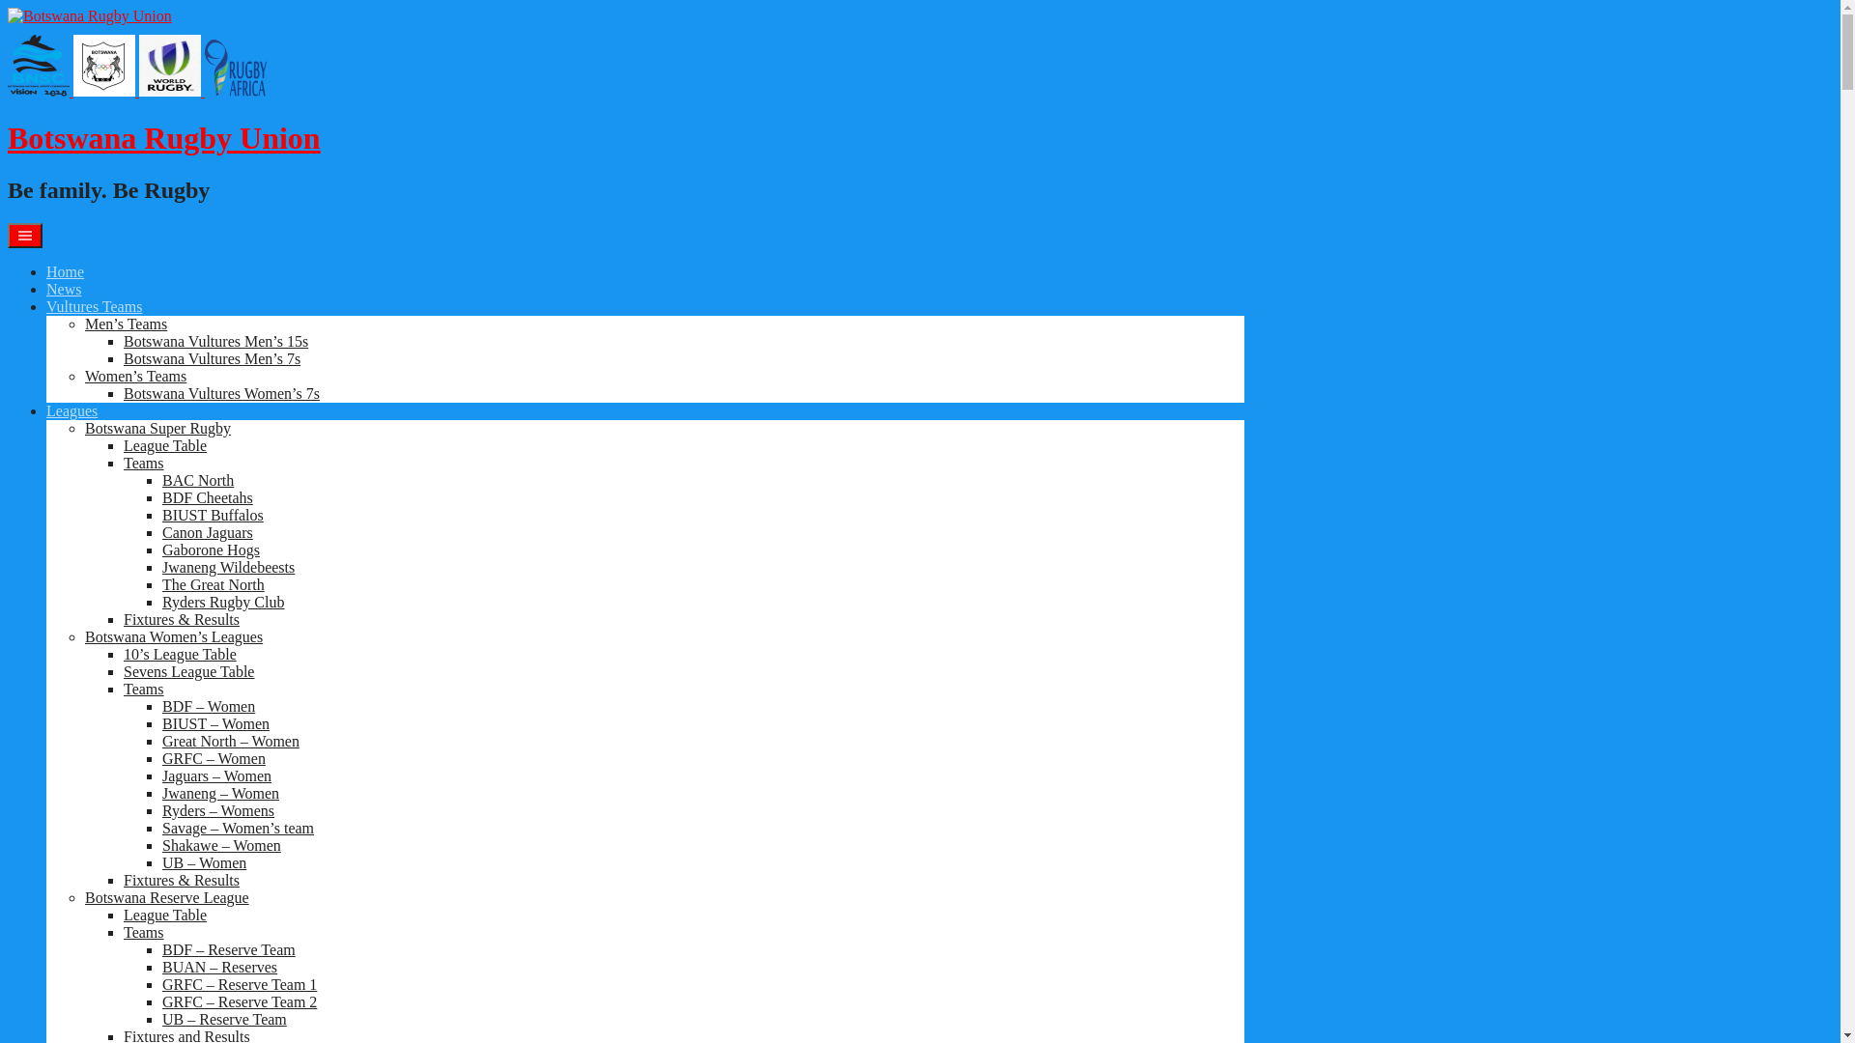 Image resolution: width=1855 pixels, height=1043 pixels. What do you see at coordinates (204, 67) in the screenshot?
I see `'Rugby Africa'` at bounding box center [204, 67].